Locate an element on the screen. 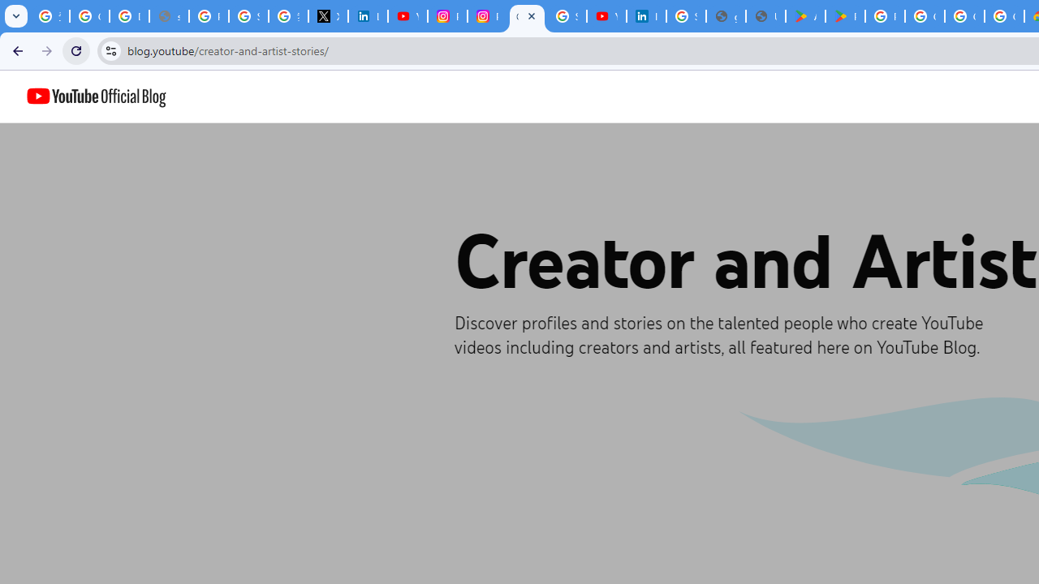 The width and height of the screenshot is (1039, 584). 'support.google.com - Network error' is located at coordinates (169, 16).